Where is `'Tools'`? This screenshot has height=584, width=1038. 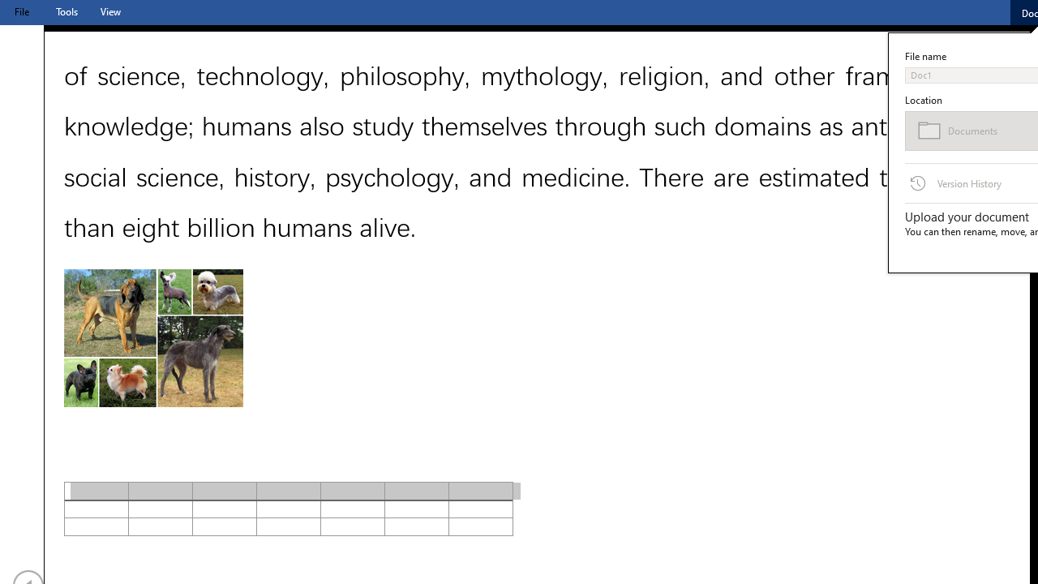 'Tools' is located at coordinates (66, 11).